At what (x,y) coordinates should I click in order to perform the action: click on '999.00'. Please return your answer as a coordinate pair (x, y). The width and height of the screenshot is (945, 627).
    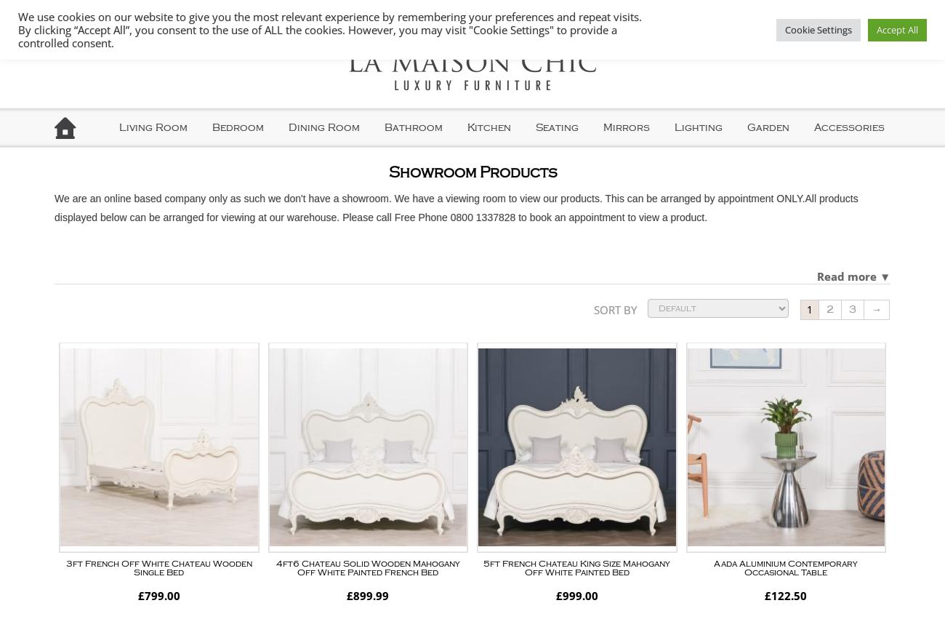
    Looking at the image, I should click on (579, 594).